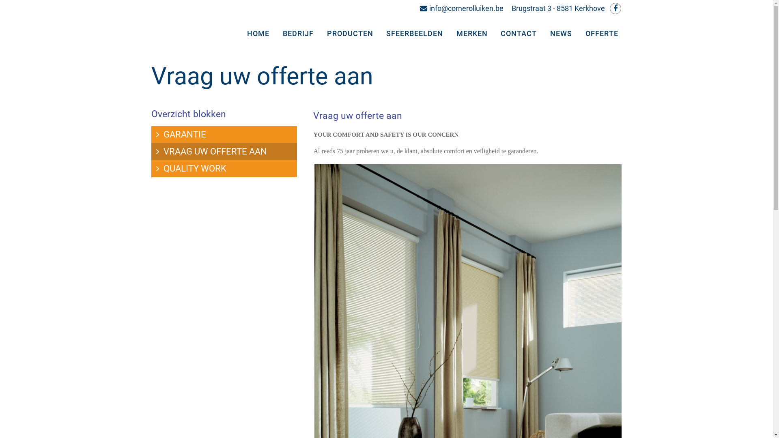 This screenshot has width=779, height=438. Describe the element at coordinates (299, 33) in the screenshot. I see `'BEDRIJF'` at that location.